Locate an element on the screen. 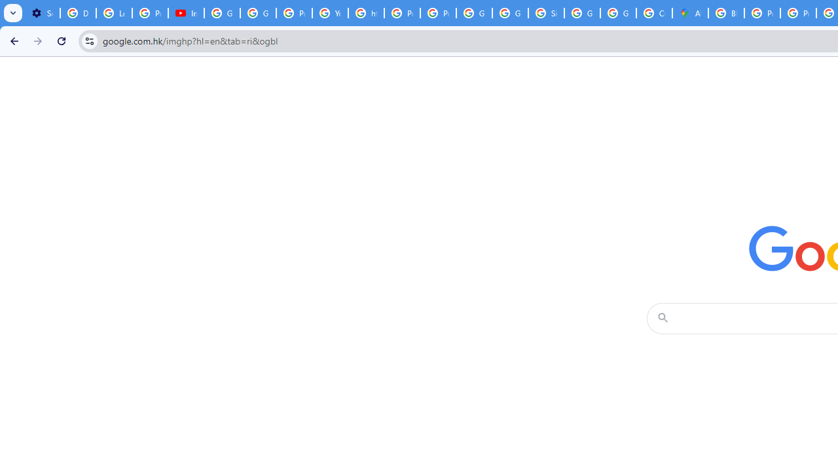 The height and width of the screenshot is (471, 838). 'Sign in - Google Accounts' is located at coordinates (545, 13).